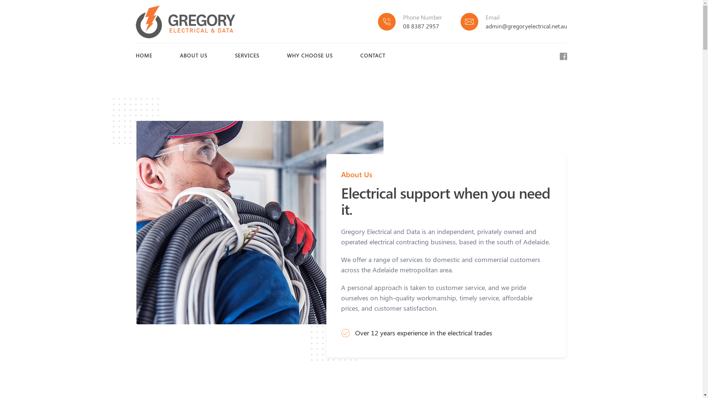 The height and width of the screenshot is (398, 708). Describe the element at coordinates (525, 25) in the screenshot. I see `'admin@gregoryelectrical.net.au'` at that location.